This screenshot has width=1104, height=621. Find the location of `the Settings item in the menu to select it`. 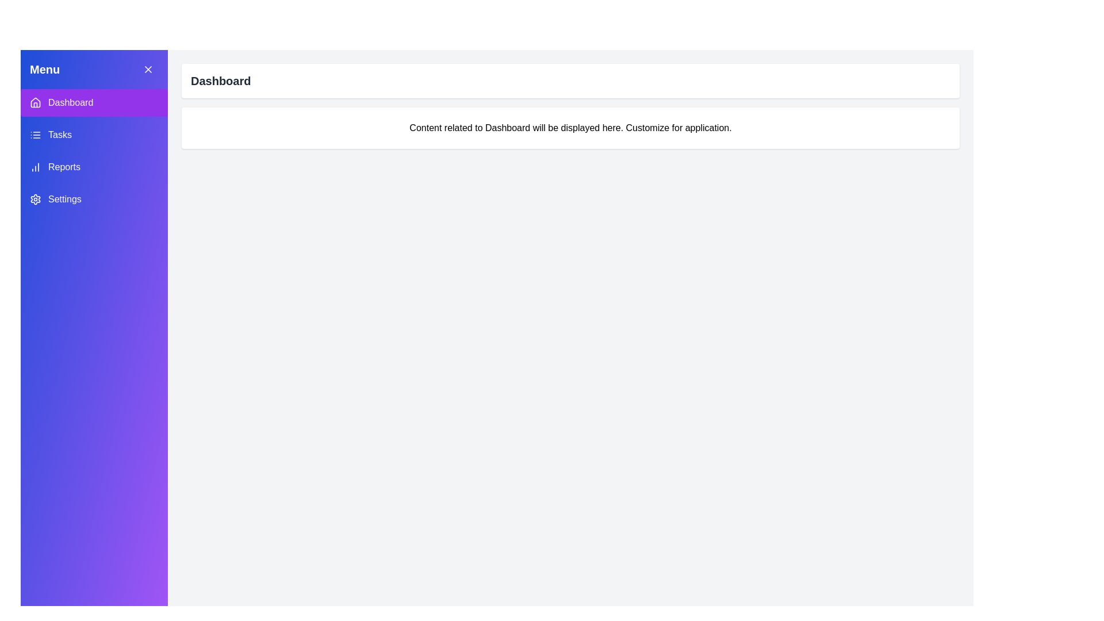

the Settings item in the menu to select it is located at coordinates (94, 199).